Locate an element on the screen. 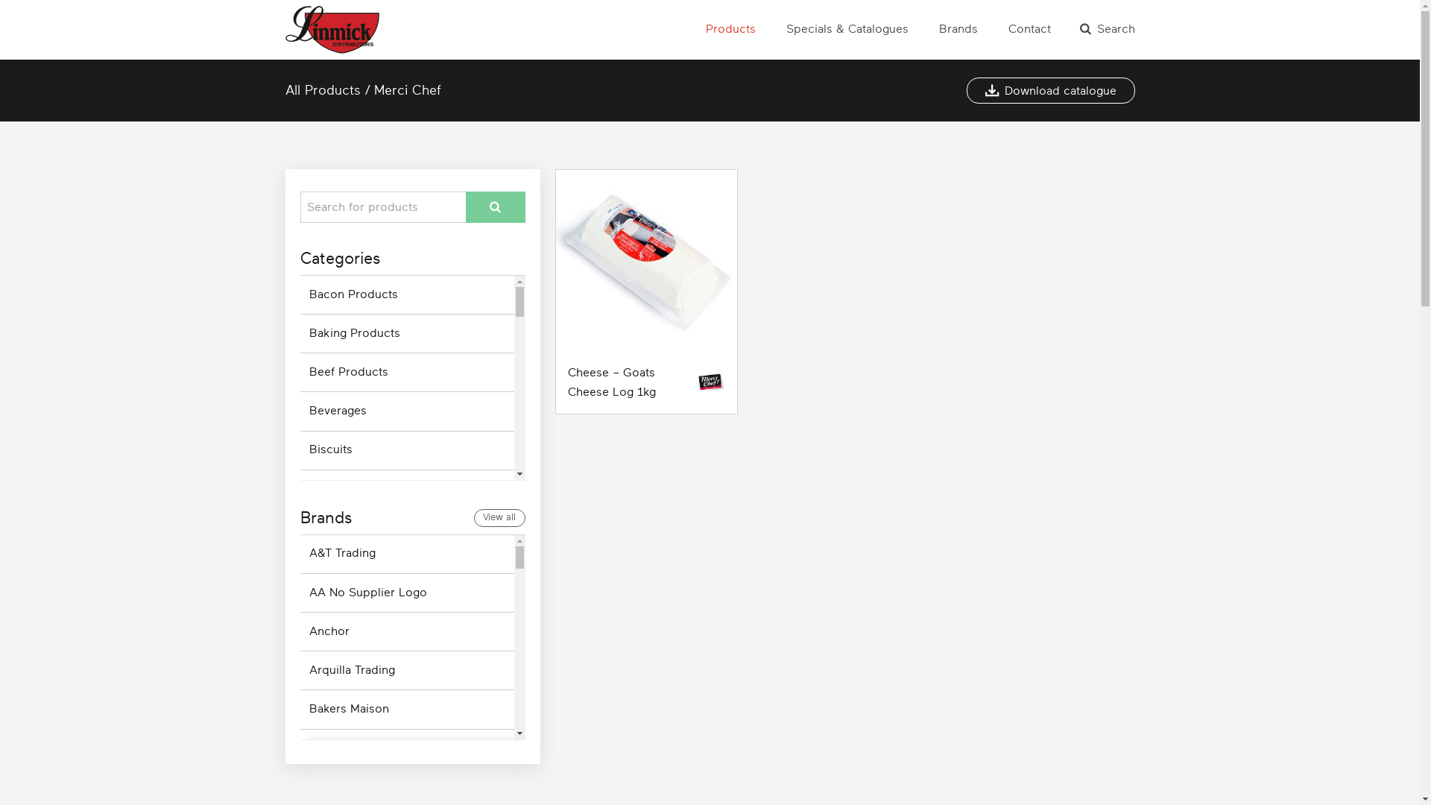  'Baking Products' is located at coordinates (406, 332).